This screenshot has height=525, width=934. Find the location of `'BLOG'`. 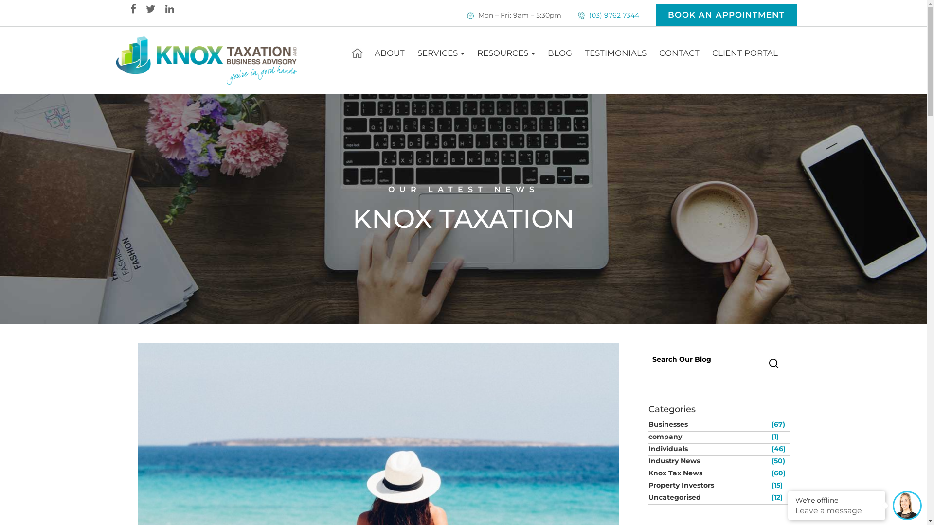

'BLOG' is located at coordinates (560, 52).